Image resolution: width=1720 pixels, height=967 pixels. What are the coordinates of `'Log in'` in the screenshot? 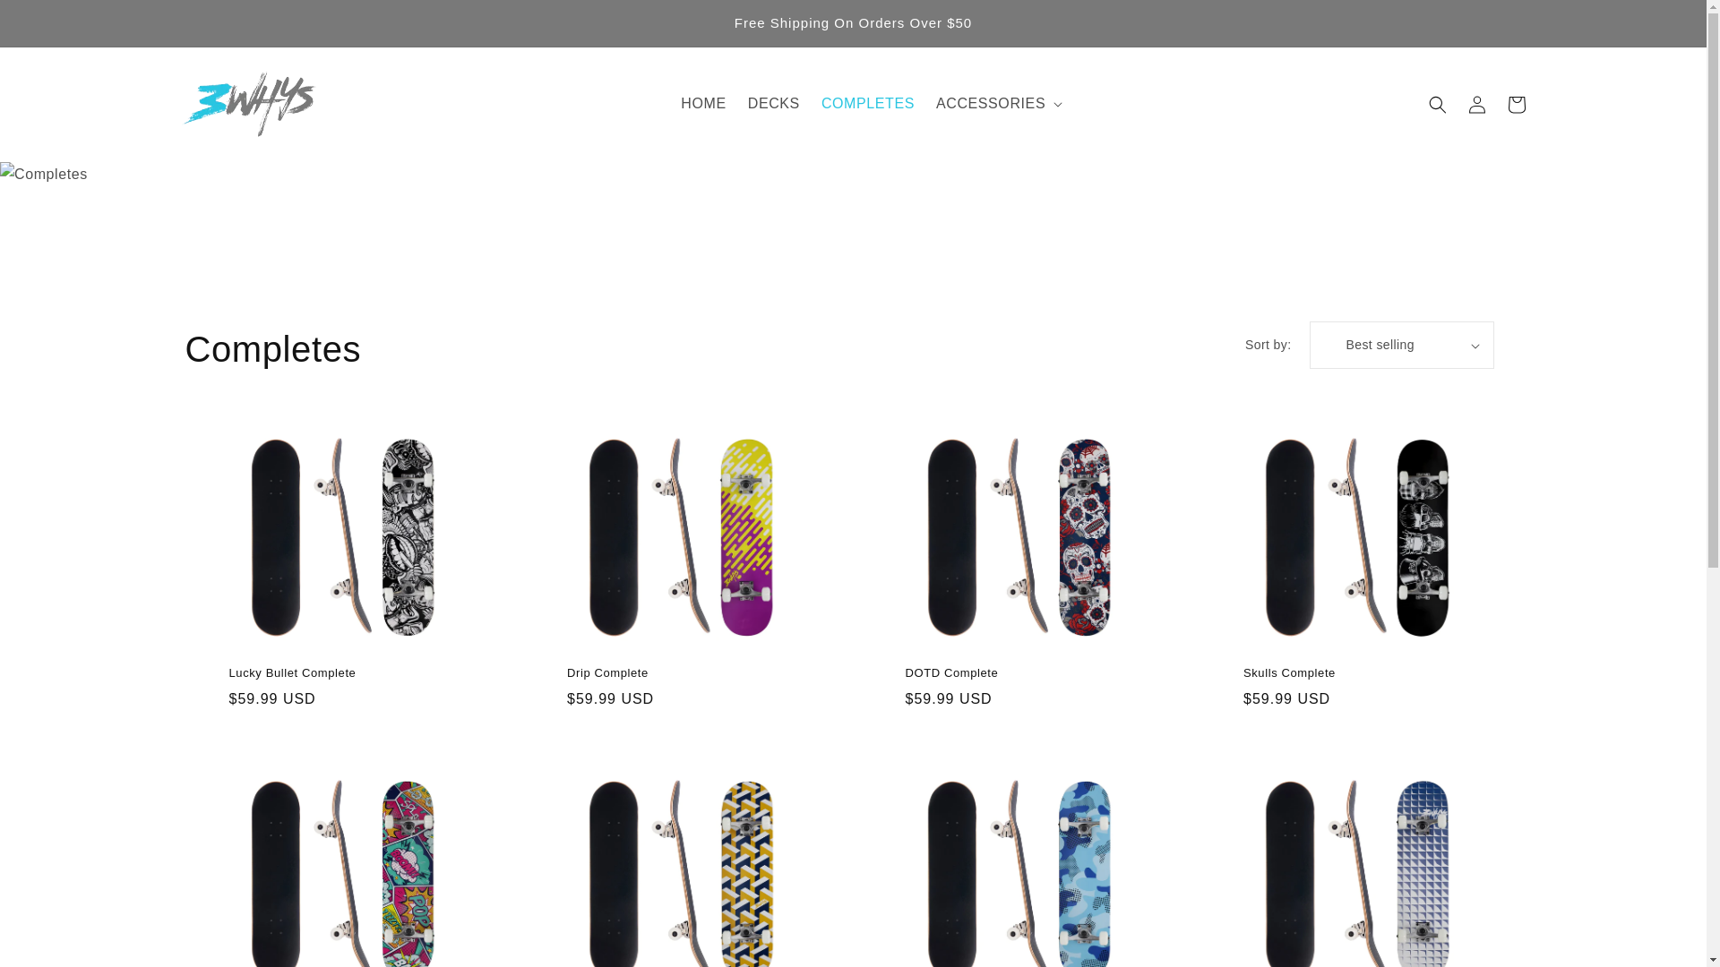 It's located at (1457, 103).